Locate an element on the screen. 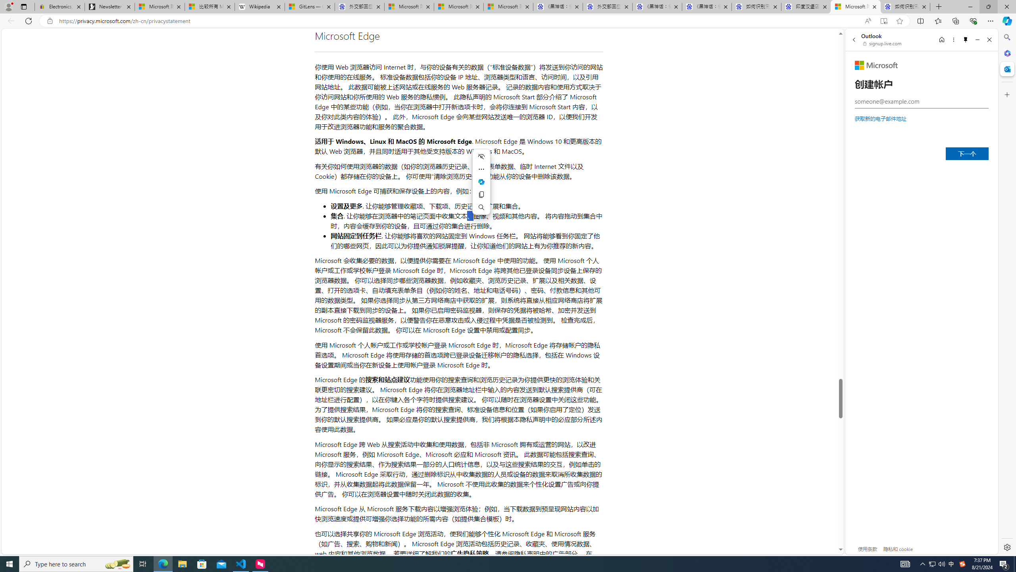 Image resolution: width=1016 pixels, height=572 pixels. 'signup.live.com' is located at coordinates (882, 43).